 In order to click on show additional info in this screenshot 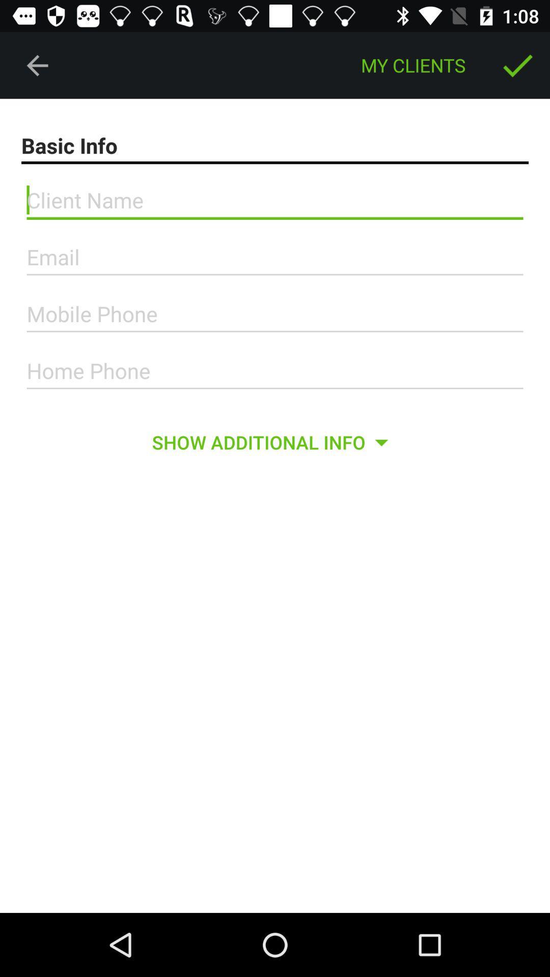, I will do `click(274, 442)`.